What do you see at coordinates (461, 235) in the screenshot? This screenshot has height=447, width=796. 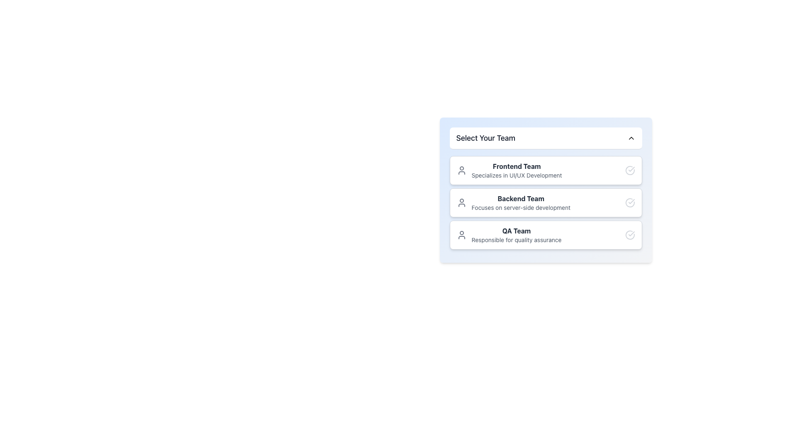 I see `the QA Team icon located in the third item of the 'Select Your Team' vertical list, positioned directly to the left of the text 'QA Team.'` at bounding box center [461, 235].